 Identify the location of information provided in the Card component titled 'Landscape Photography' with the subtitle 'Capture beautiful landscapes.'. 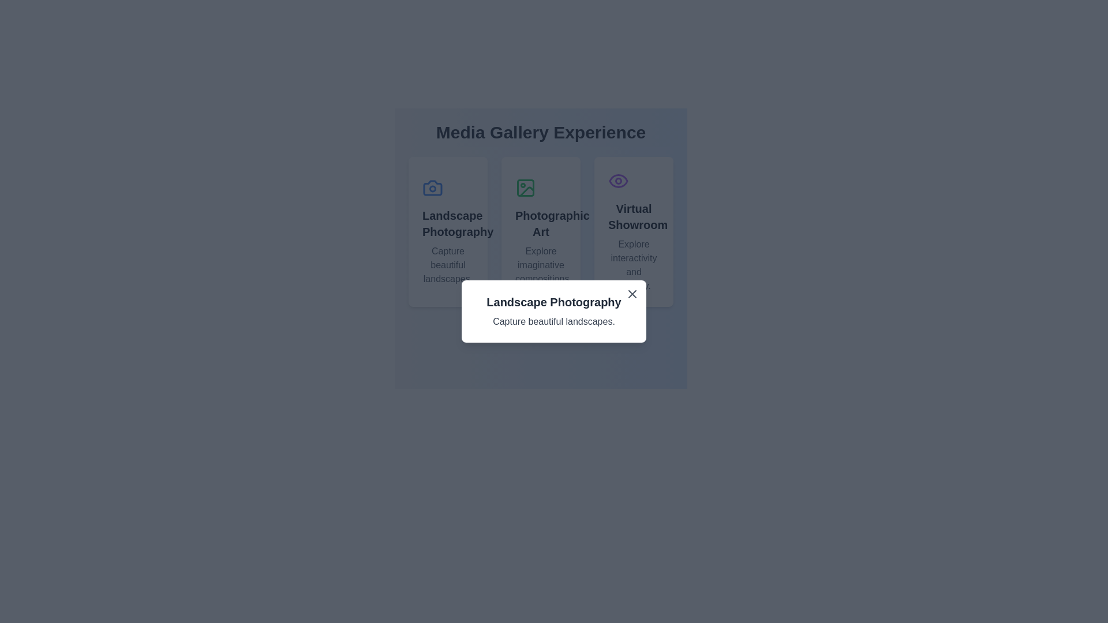
(554, 311).